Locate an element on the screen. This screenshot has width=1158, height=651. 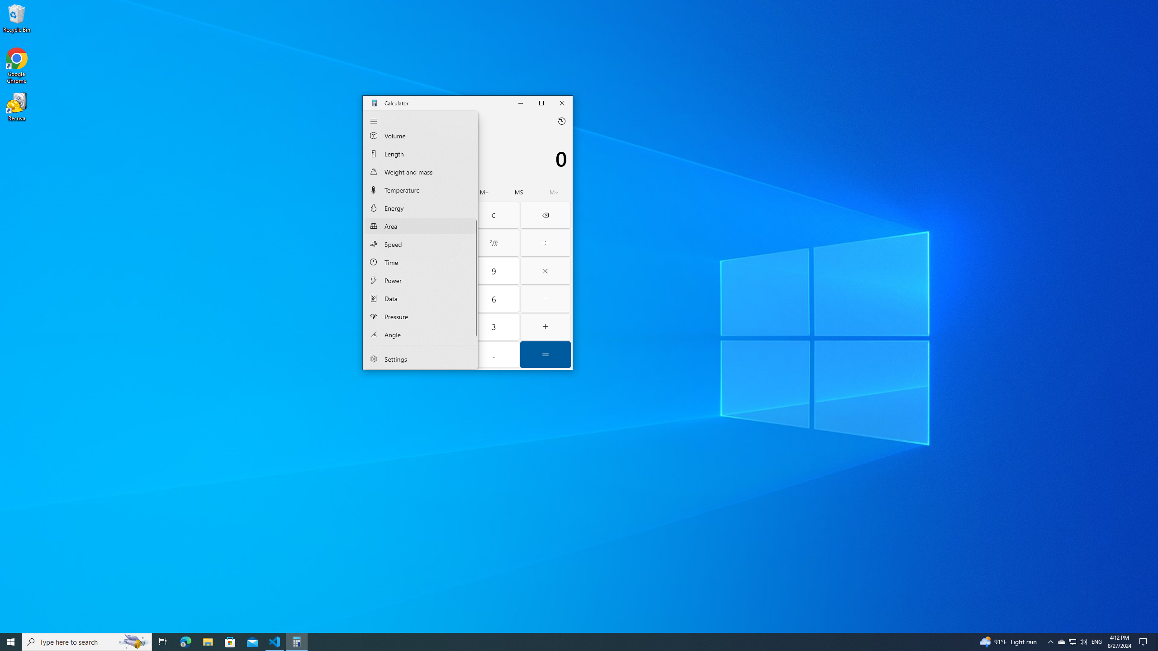
'Open memory flyout' is located at coordinates (553, 192).